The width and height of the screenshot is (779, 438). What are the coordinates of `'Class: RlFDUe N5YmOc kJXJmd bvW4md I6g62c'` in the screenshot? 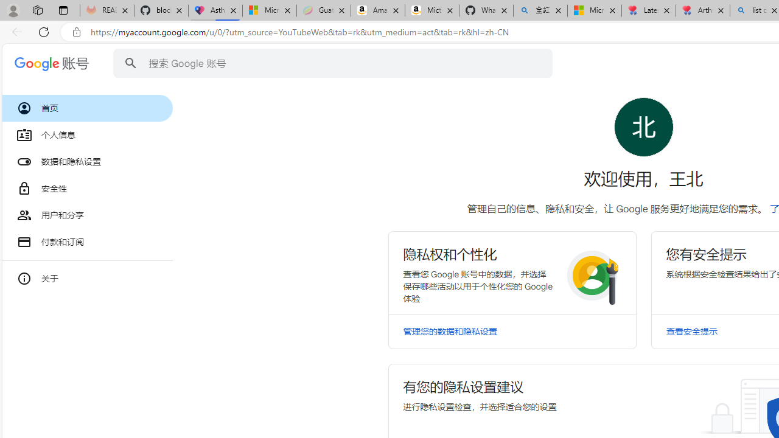 It's located at (511, 272).